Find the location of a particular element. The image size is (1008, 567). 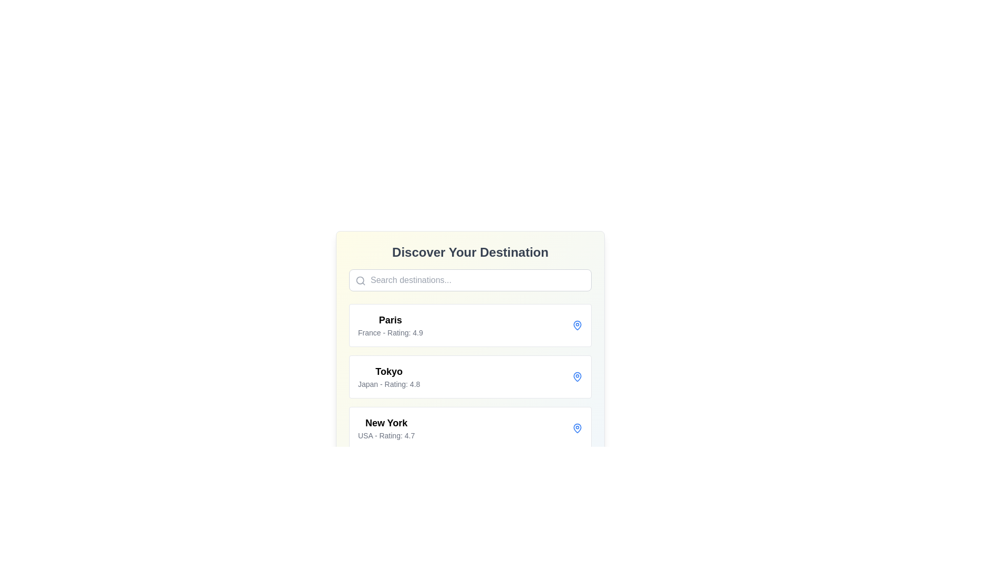

the magnifying glass icon located on the left side of the search bar, which is positioned below the 'Discover Your Destination' heading is located at coordinates (360, 280).